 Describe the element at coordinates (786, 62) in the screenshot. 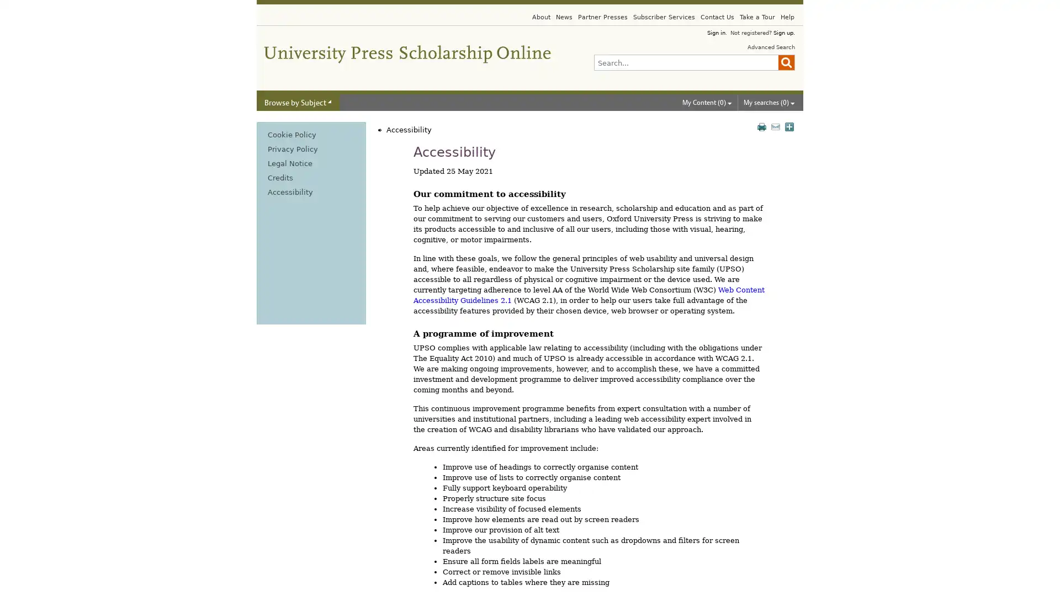

I see `Search` at that location.